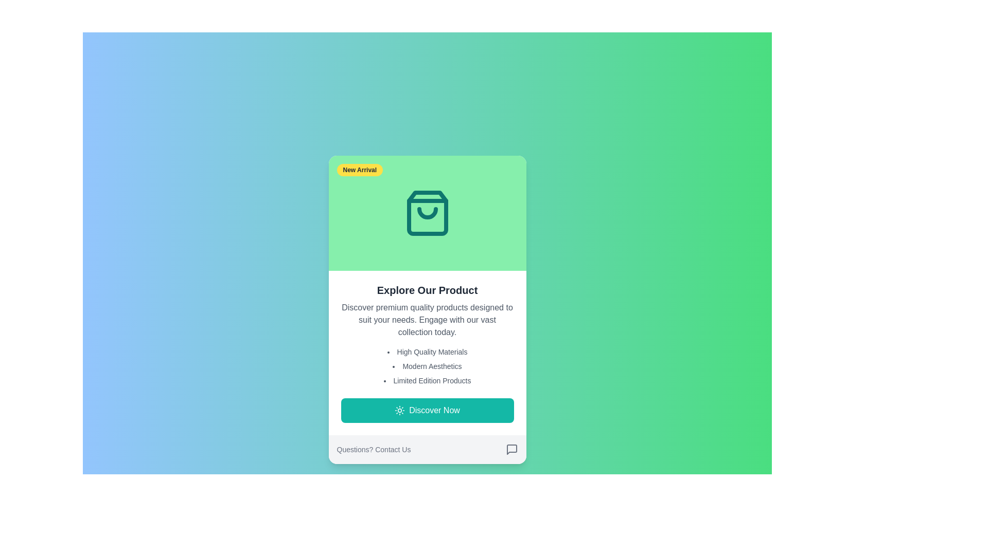 This screenshot has height=555, width=988. Describe the element at coordinates (427, 320) in the screenshot. I see `the light gray text paragraph located below the heading 'Explore Our Product' and above the bulleted list of product features` at that location.